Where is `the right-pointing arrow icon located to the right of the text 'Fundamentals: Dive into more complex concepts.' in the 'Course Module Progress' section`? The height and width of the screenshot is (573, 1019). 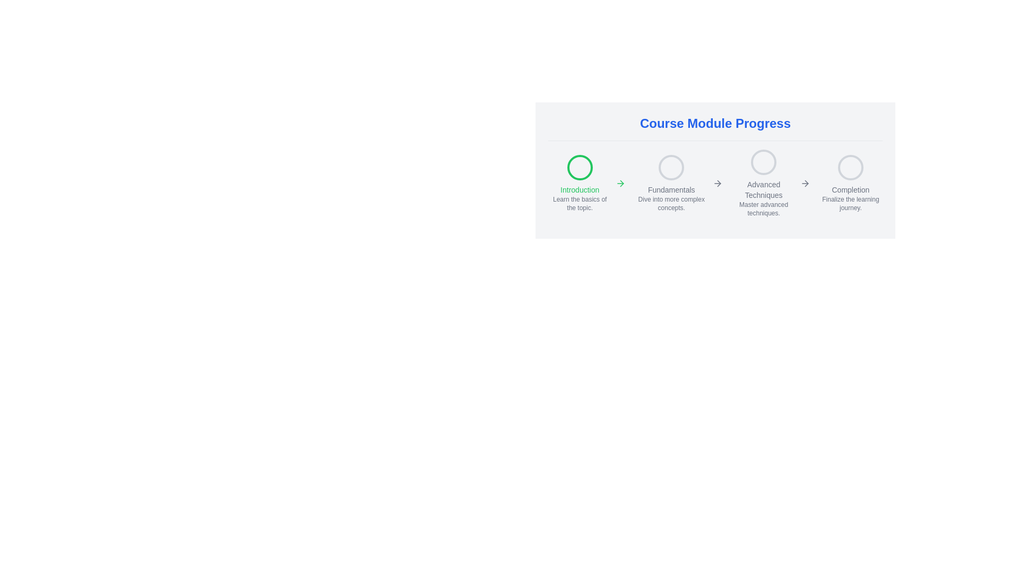
the right-pointing arrow icon located to the right of the text 'Fundamentals: Dive into more complex concepts.' in the 'Course Module Progress' section is located at coordinates (718, 183).